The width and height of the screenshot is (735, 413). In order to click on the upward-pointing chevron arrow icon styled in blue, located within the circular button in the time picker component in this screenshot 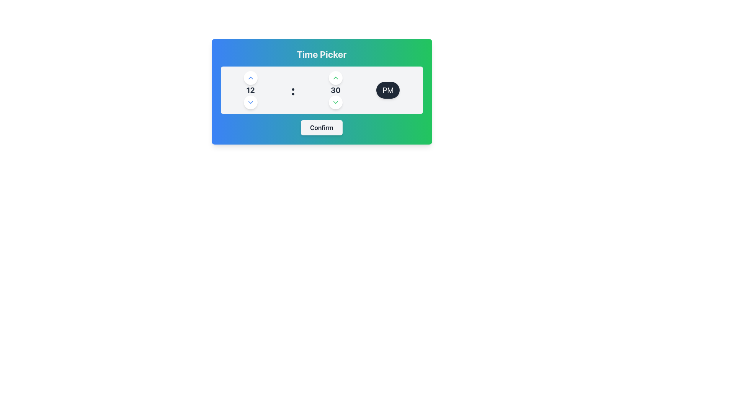, I will do `click(250, 78)`.